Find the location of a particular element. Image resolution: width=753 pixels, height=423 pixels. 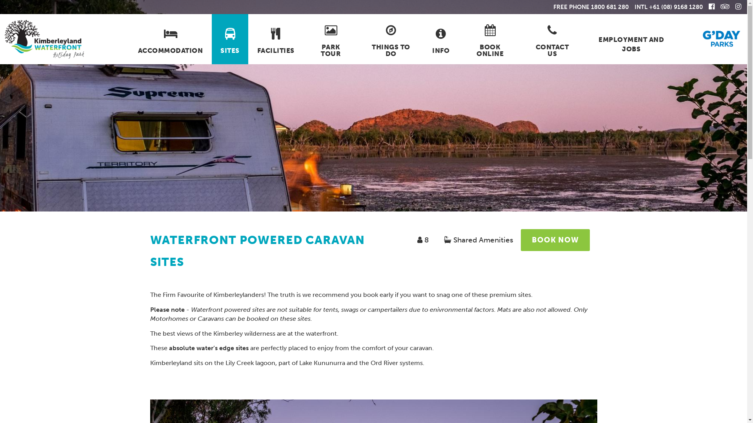

'+61 (08) 9168 1280' is located at coordinates (675, 6).